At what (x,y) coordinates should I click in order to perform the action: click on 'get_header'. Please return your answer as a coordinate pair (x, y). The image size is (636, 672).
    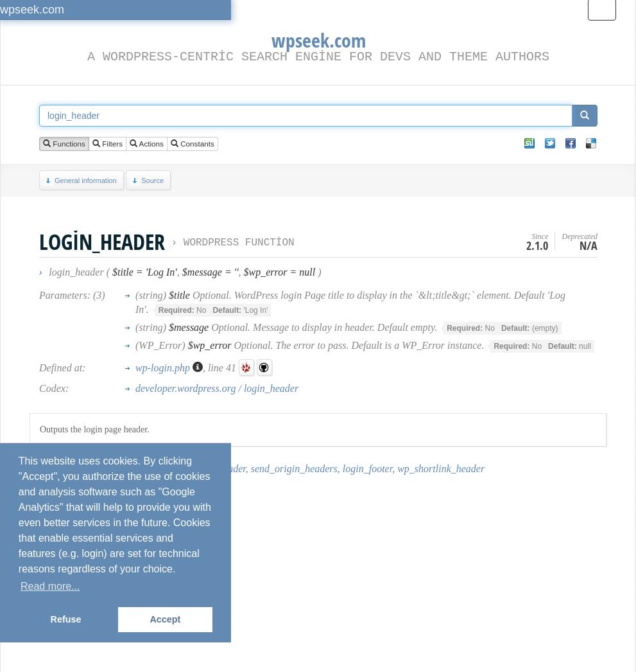
    Looking at the image, I should click on (119, 468).